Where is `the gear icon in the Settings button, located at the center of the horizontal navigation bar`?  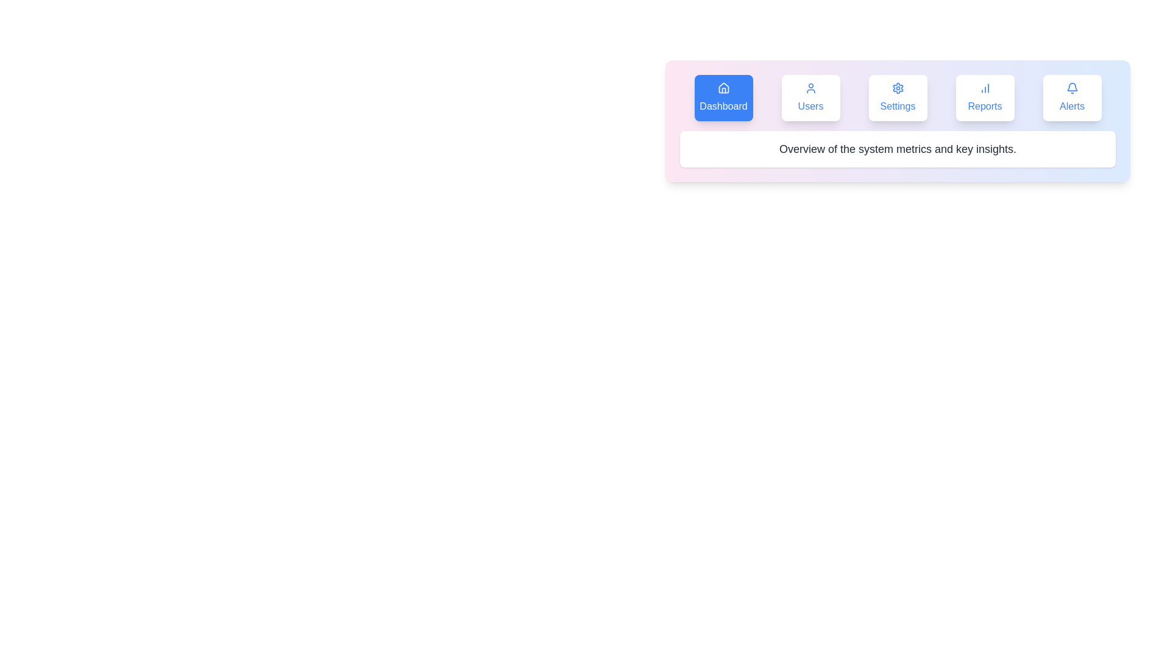
the gear icon in the Settings button, located at the center of the horizontal navigation bar is located at coordinates (898, 88).